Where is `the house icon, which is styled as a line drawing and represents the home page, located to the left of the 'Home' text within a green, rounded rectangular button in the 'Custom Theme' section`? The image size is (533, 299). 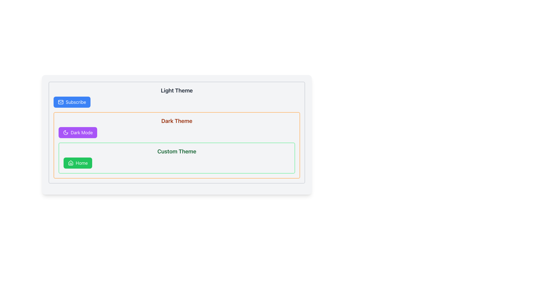
the house icon, which is styled as a line drawing and represents the home page, located to the left of the 'Home' text within a green, rounded rectangular button in the 'Custom Theme' section is located at coordinates (70, 163).